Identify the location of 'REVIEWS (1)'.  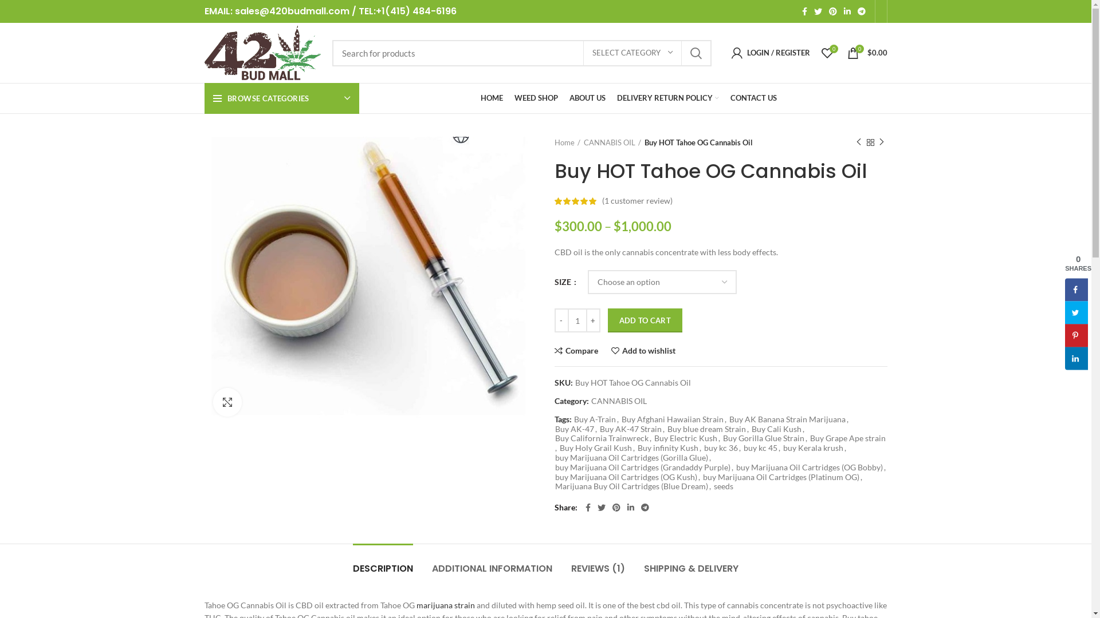
(597, 562).